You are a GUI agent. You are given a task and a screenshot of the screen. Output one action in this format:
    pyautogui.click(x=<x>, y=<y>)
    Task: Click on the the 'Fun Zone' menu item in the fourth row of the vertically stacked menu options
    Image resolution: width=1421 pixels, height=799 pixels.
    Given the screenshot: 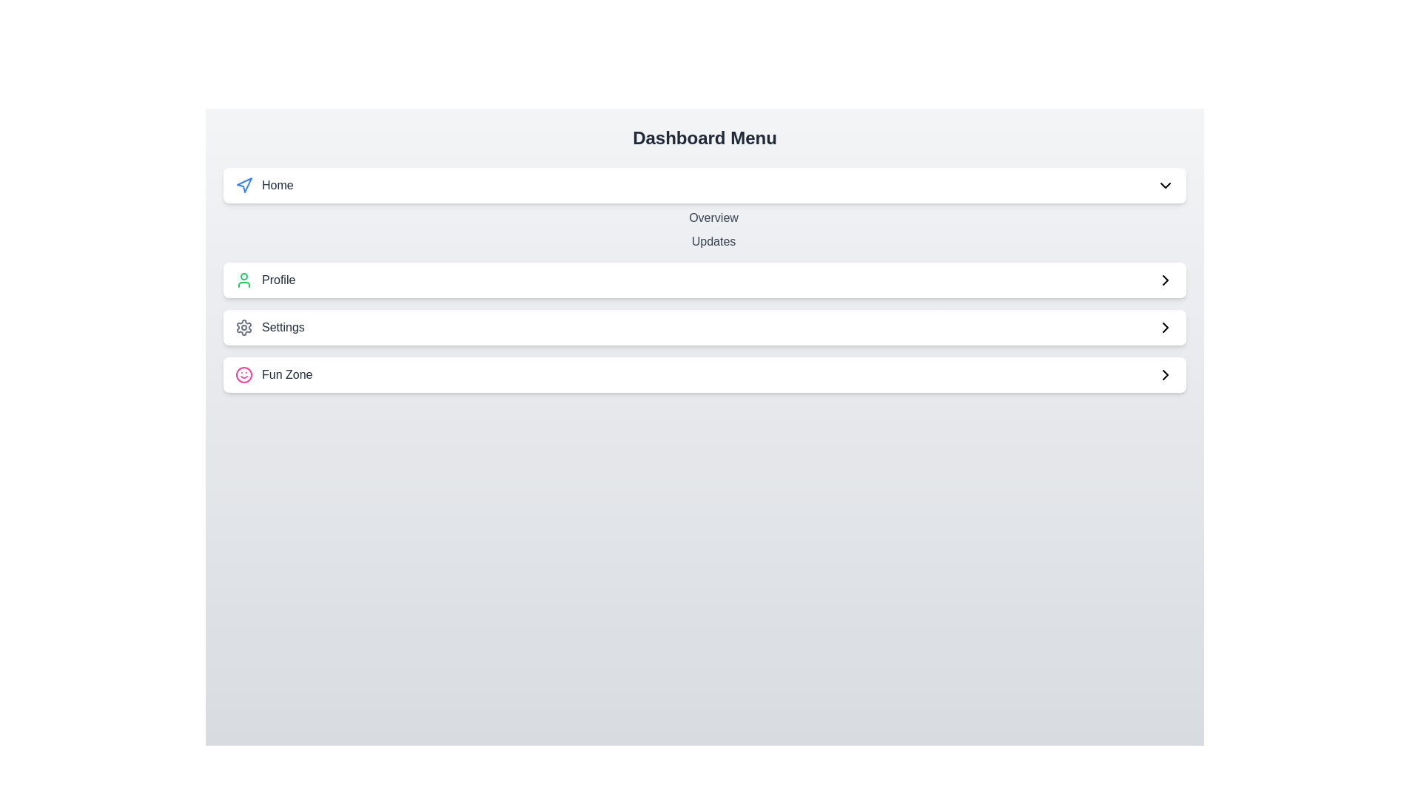 What is the action you would take?
    pyautogui.click(x=274, y=374)
    